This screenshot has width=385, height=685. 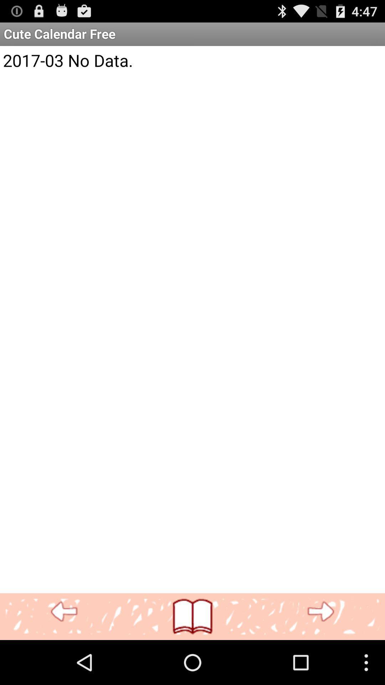 I want to click on previous page, so click(x=64, y=612).